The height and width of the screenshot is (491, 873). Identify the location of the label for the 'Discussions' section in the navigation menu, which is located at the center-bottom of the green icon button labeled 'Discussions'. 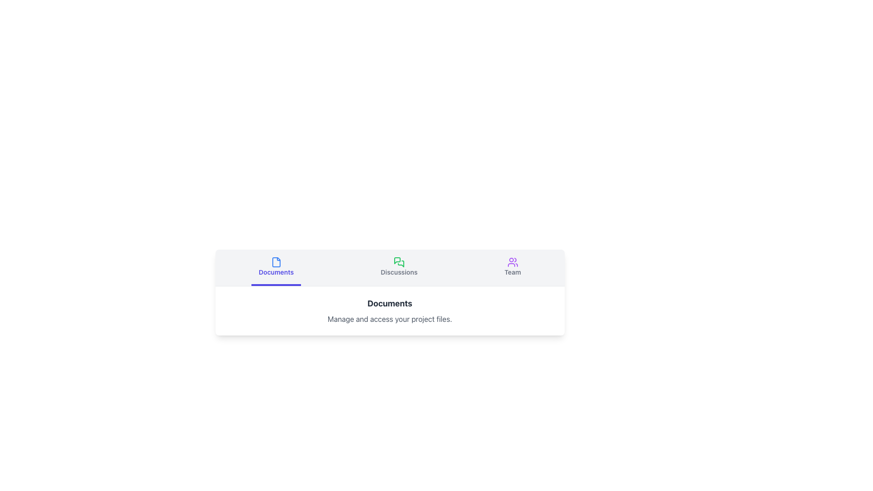
(399, 271).